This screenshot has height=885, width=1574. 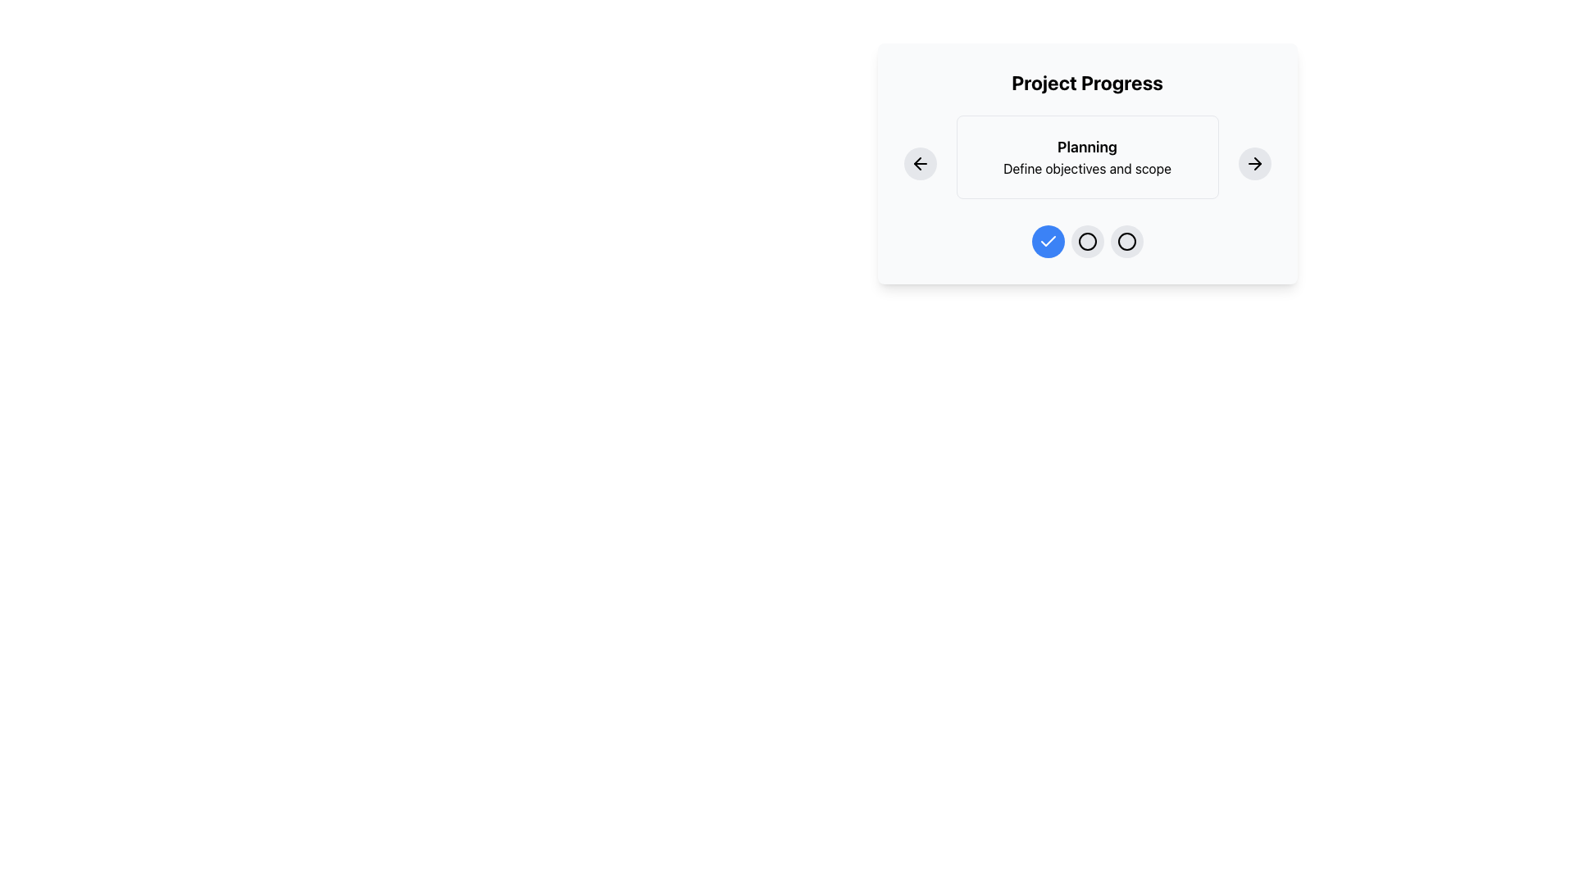 I want to click on the third circular icon button with a thin black stroke and transparent fill located within a rounded light gray button at the bottom center of the 'Project Progress' card-like panel to interact, so click(x=1126, y=241).